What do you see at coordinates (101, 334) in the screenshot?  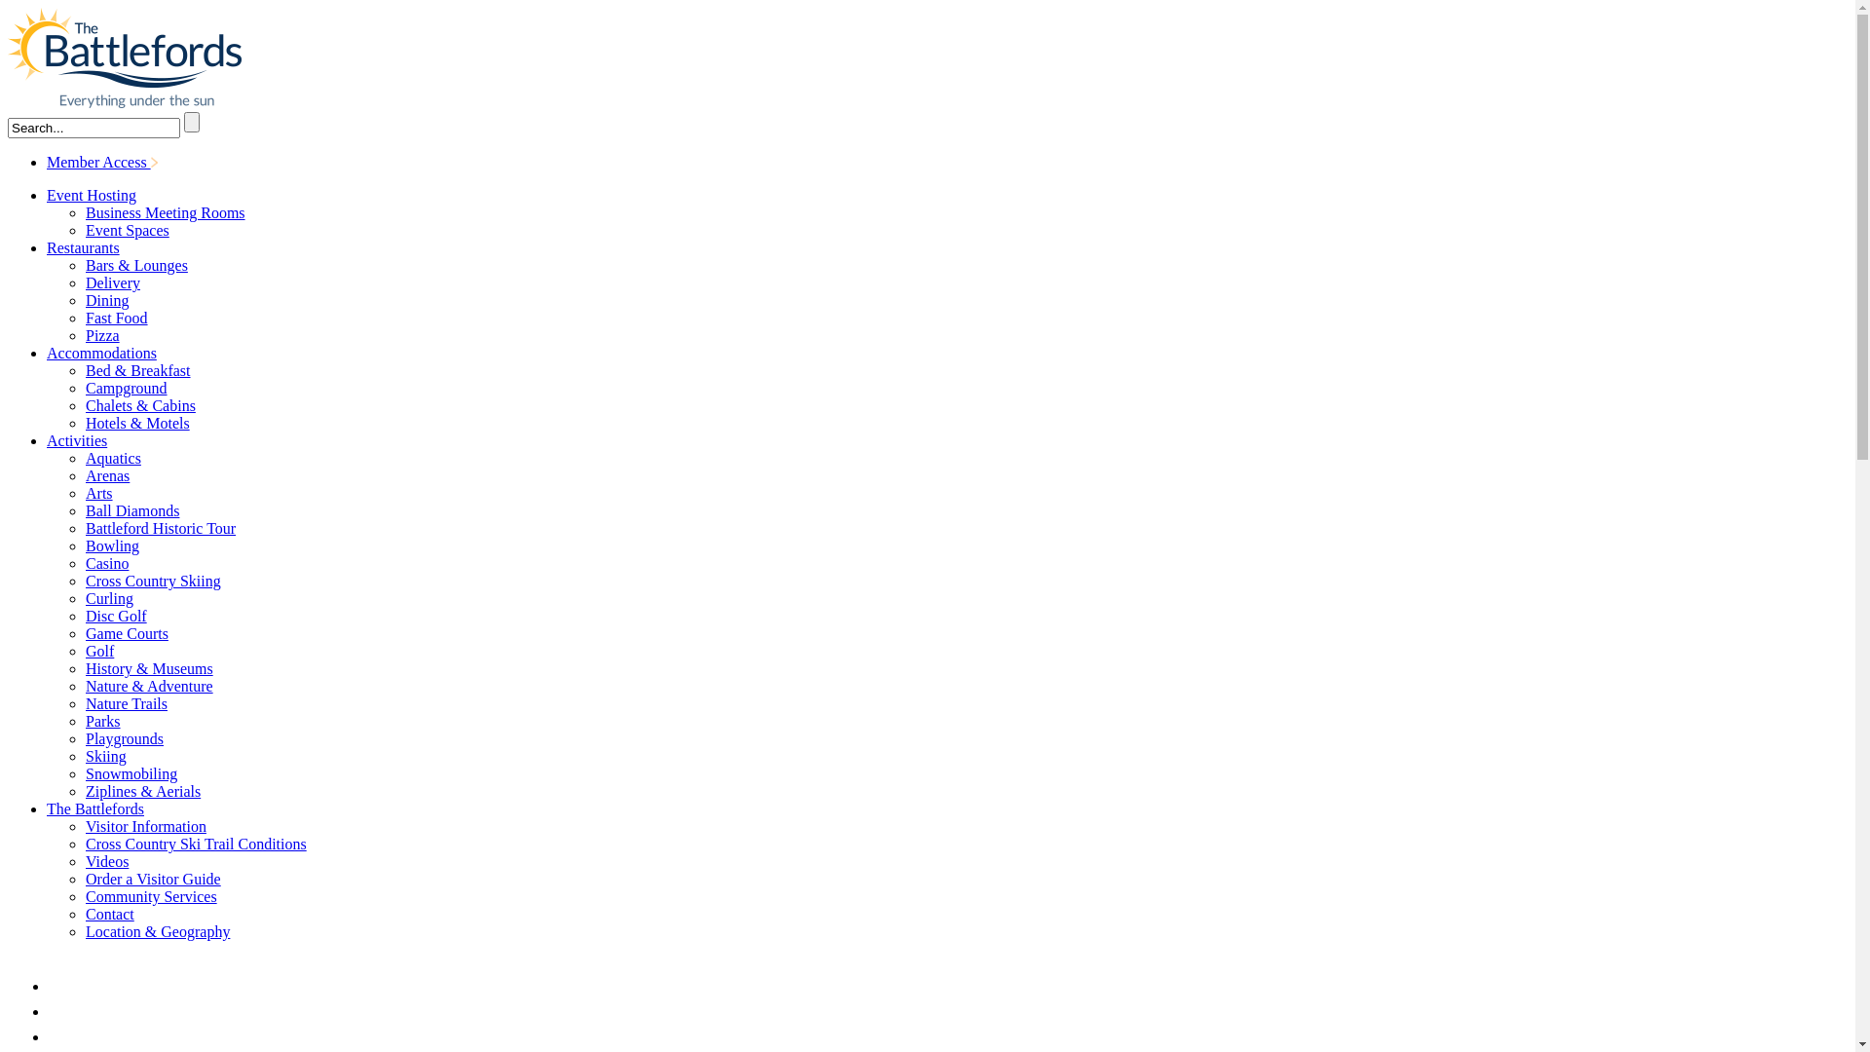 I see `'Pizza'` at bounding box center [101, 334].